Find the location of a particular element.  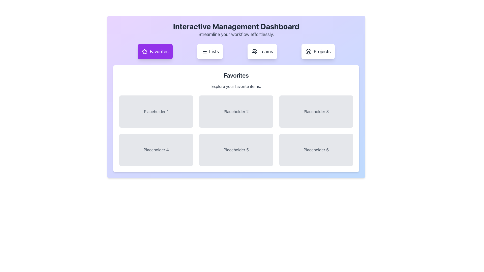

the first card in the grid layout that has a gray background and centered dark gray text reading 'Placeholder 1' is located at coordinates (156, 111).